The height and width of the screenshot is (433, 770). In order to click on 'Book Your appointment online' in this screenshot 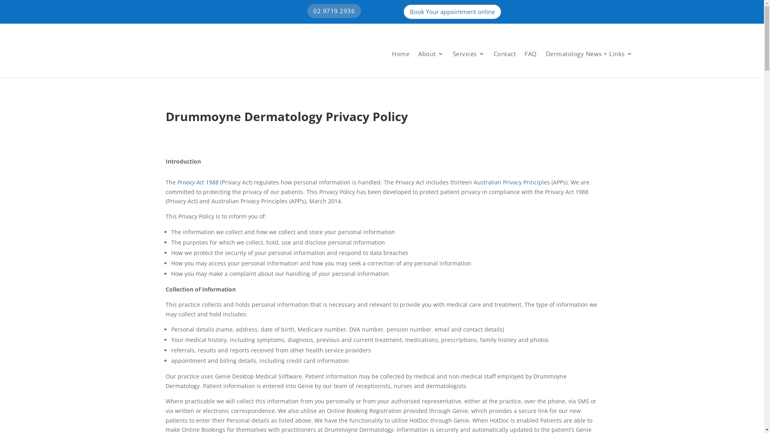, I will do `click(452, 12)`.